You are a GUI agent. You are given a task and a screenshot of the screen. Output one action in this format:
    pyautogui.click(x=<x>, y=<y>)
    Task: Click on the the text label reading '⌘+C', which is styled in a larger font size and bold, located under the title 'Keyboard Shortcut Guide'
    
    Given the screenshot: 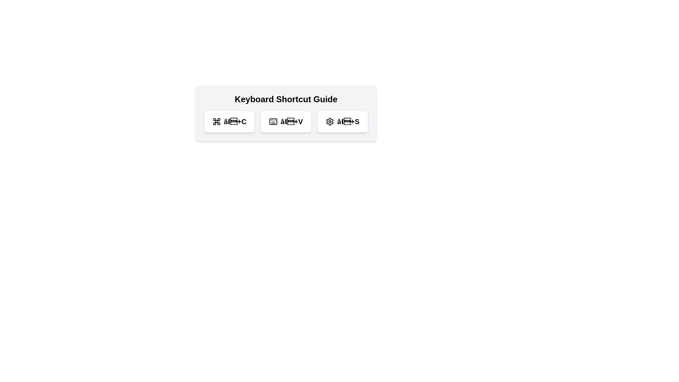 What is the action you would take?
    pyautogui.click(x=235, y=121)
    